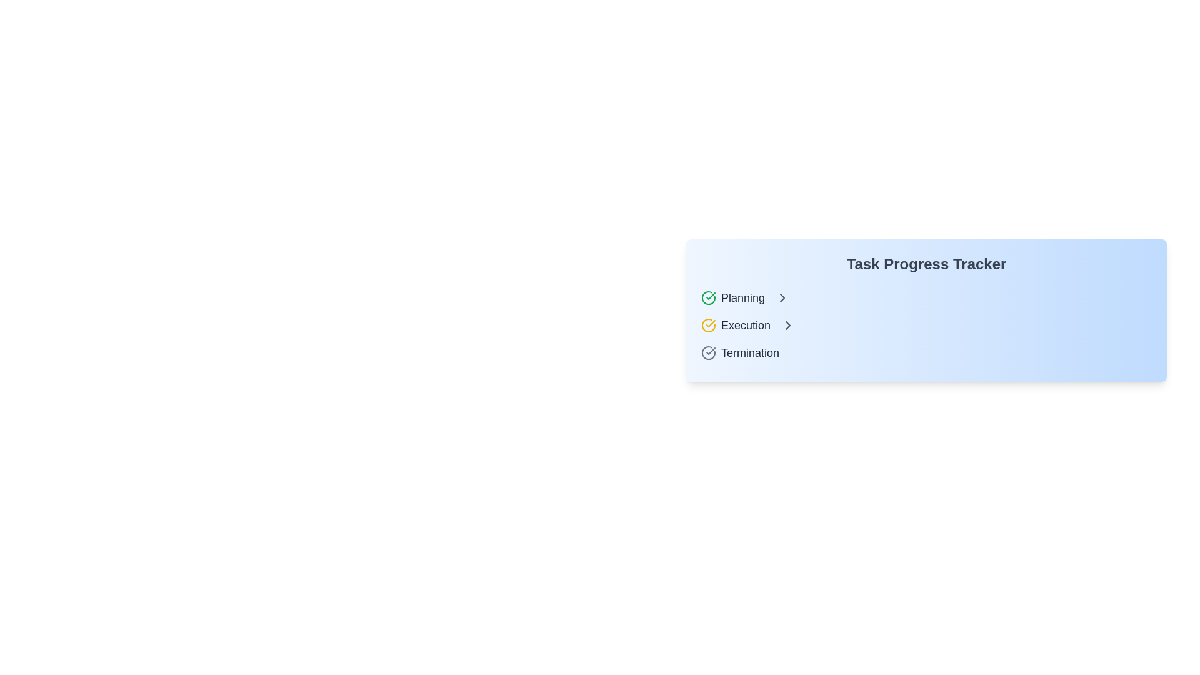 The image size is (1200, 675). Describe the element at coordinates (743, 298) in the screenshot. I see `text of the 'Planning' stage label in the task progress tracker, located at the top-left of the list with a green checkmark icon to its left and a right-arrow chevron to its right` at that location.